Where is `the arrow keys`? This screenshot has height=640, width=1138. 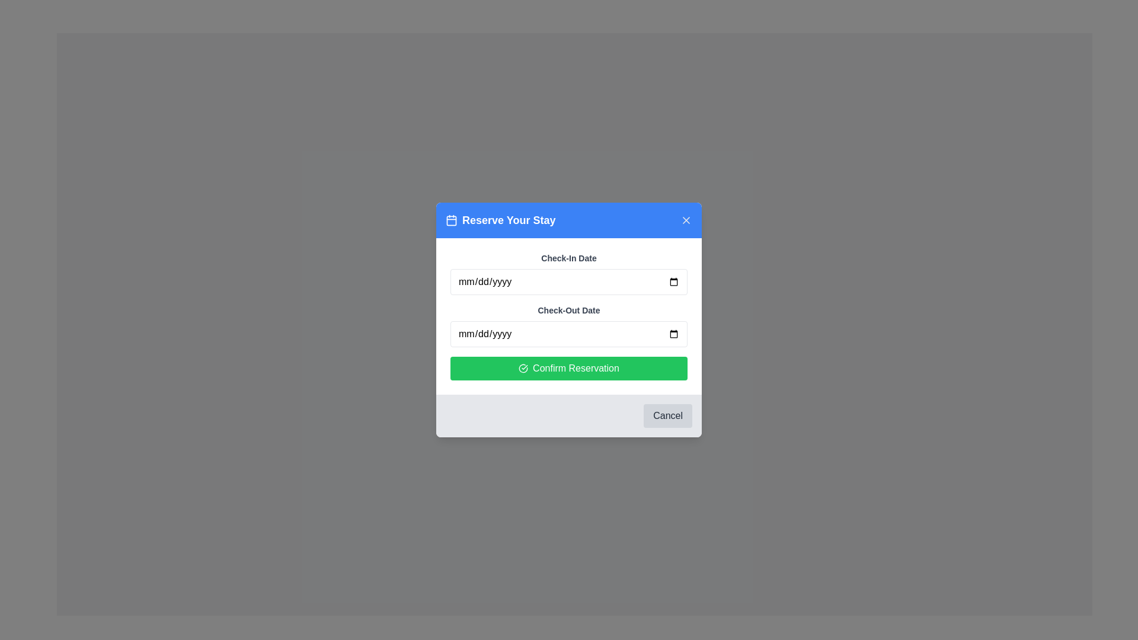 the arrow keys is located at coordinates (569, 274).